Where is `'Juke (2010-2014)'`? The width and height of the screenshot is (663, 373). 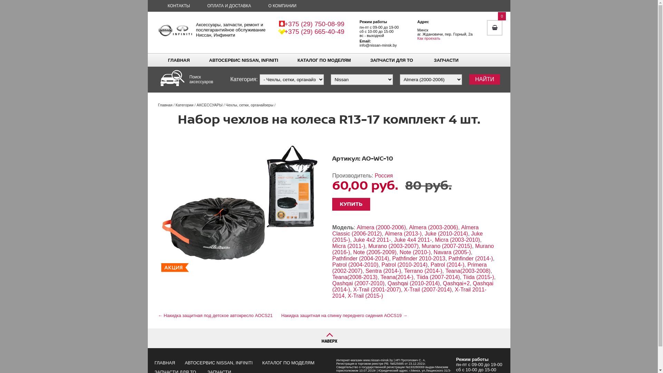 'Juke (2010-2014)' is located at coordinates (446, 233).